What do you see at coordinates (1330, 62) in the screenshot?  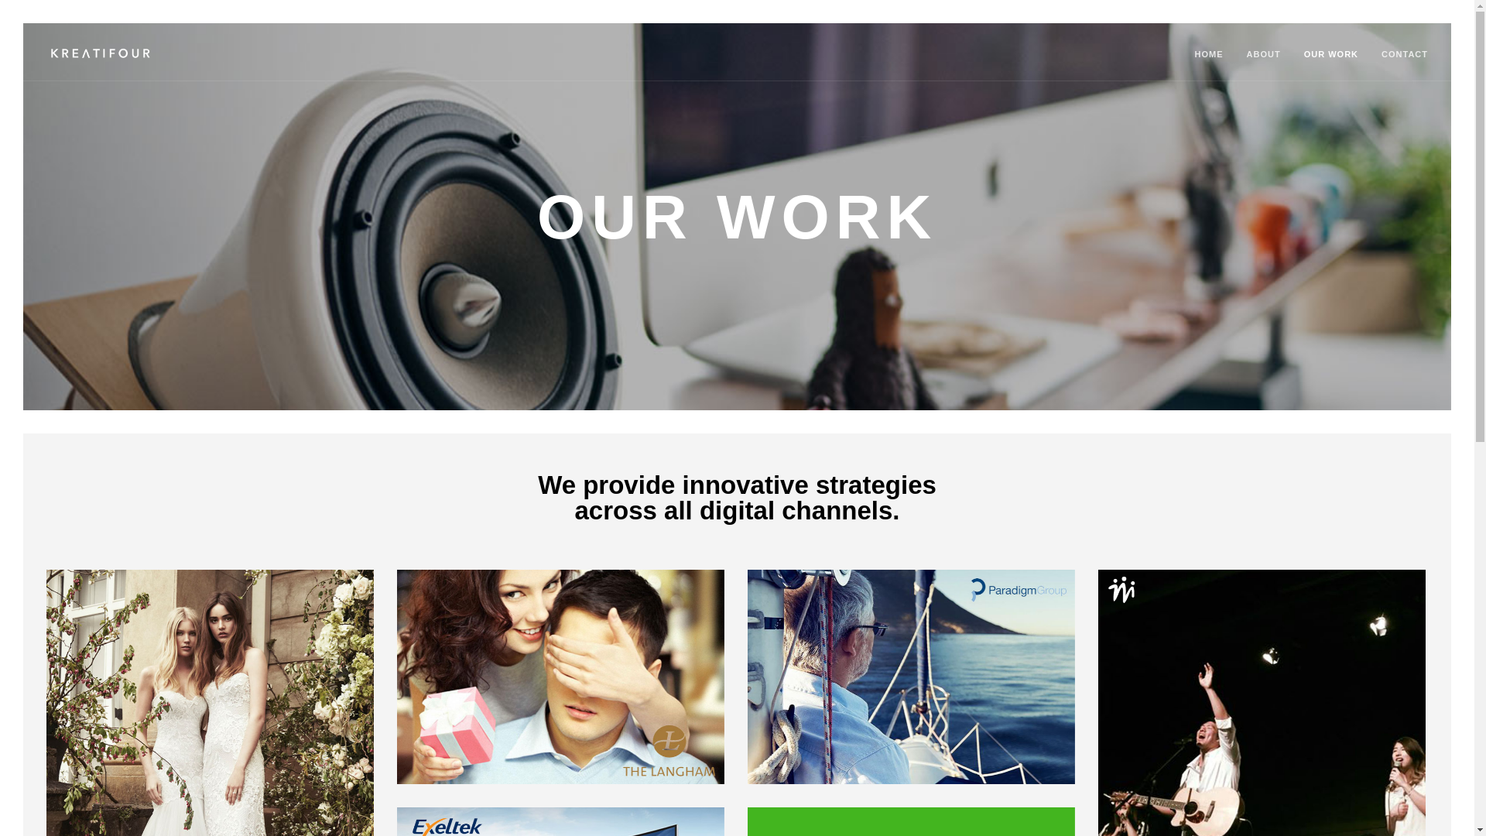 I see `'OUR WORK'` at bounding box center [1330, 62].